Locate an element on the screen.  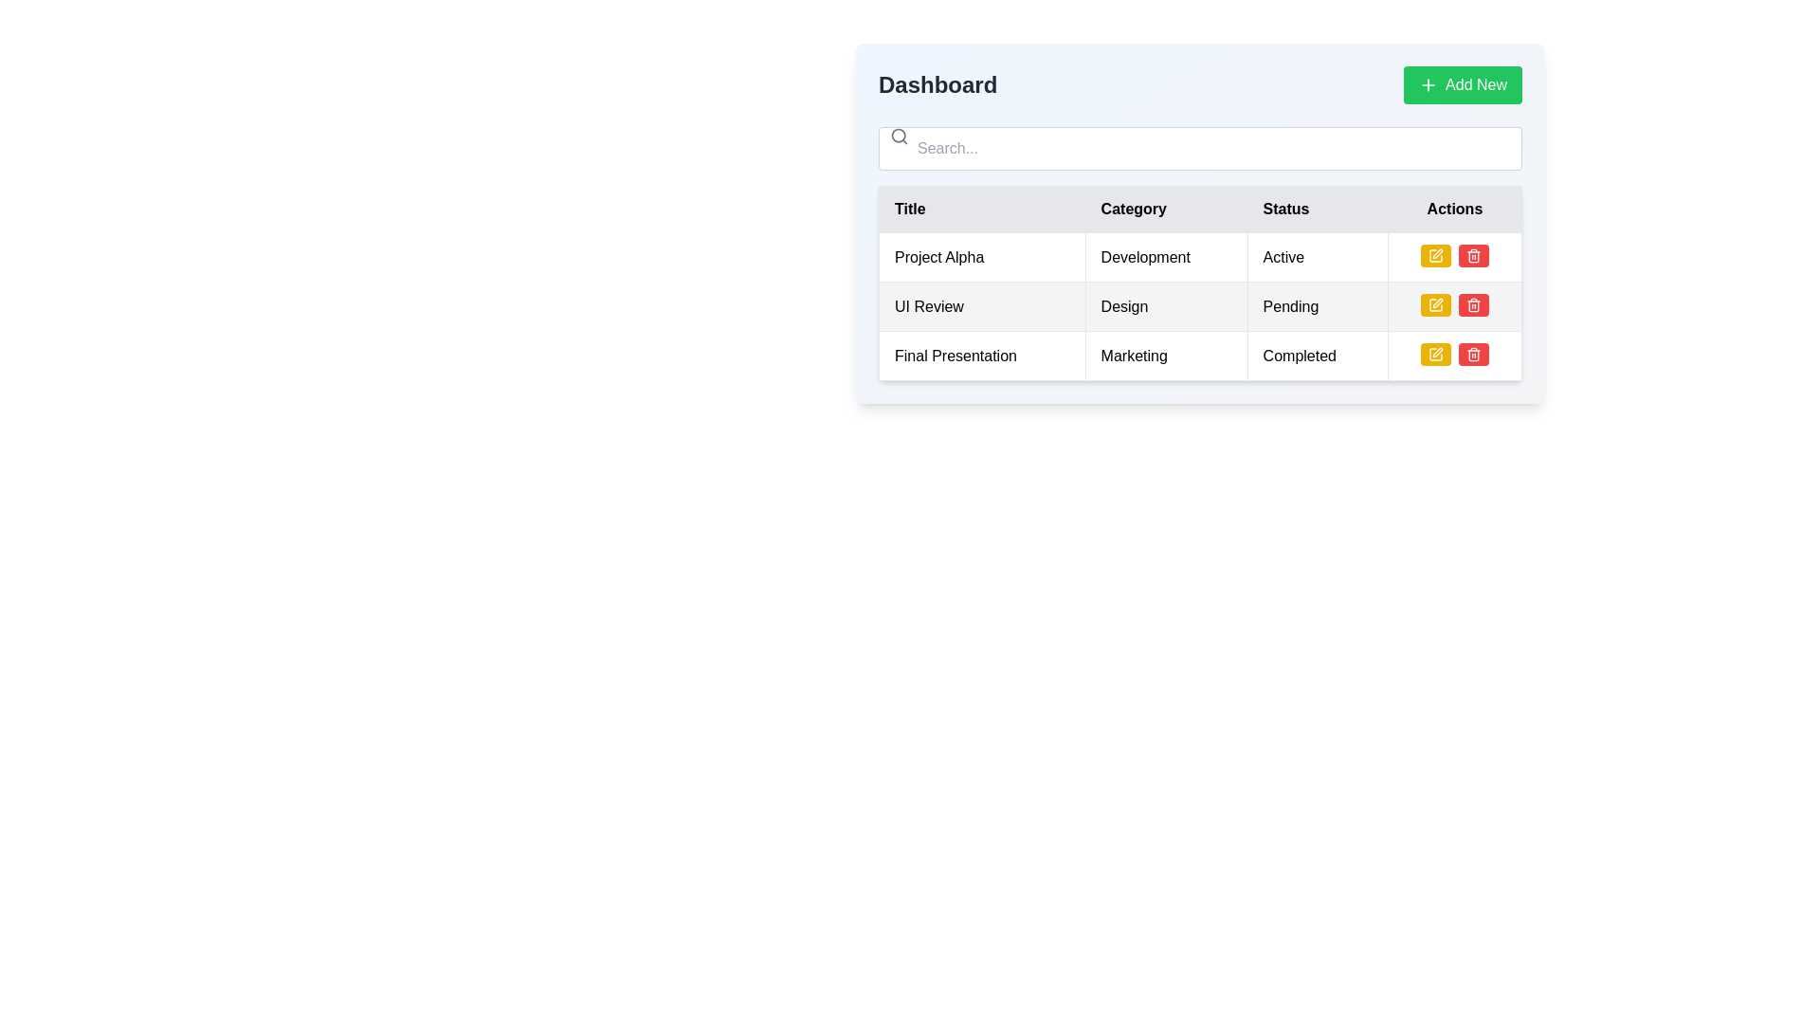
the circular element of the magnifying glass icon, which is part of the search functionality, located towards the top-left corner of the interface layout is located at coordinates (898, 135).